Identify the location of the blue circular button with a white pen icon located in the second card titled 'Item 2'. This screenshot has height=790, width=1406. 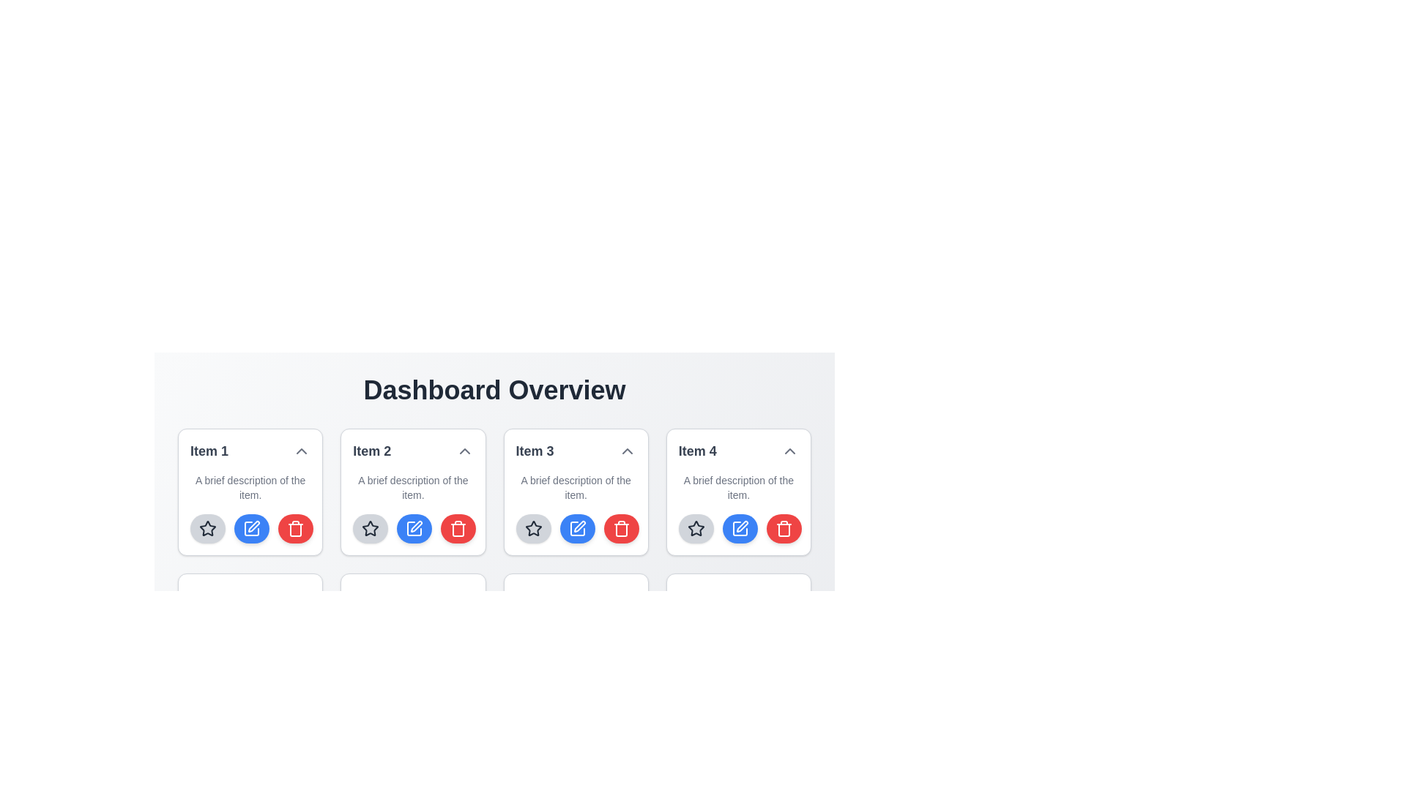
(253, 527).